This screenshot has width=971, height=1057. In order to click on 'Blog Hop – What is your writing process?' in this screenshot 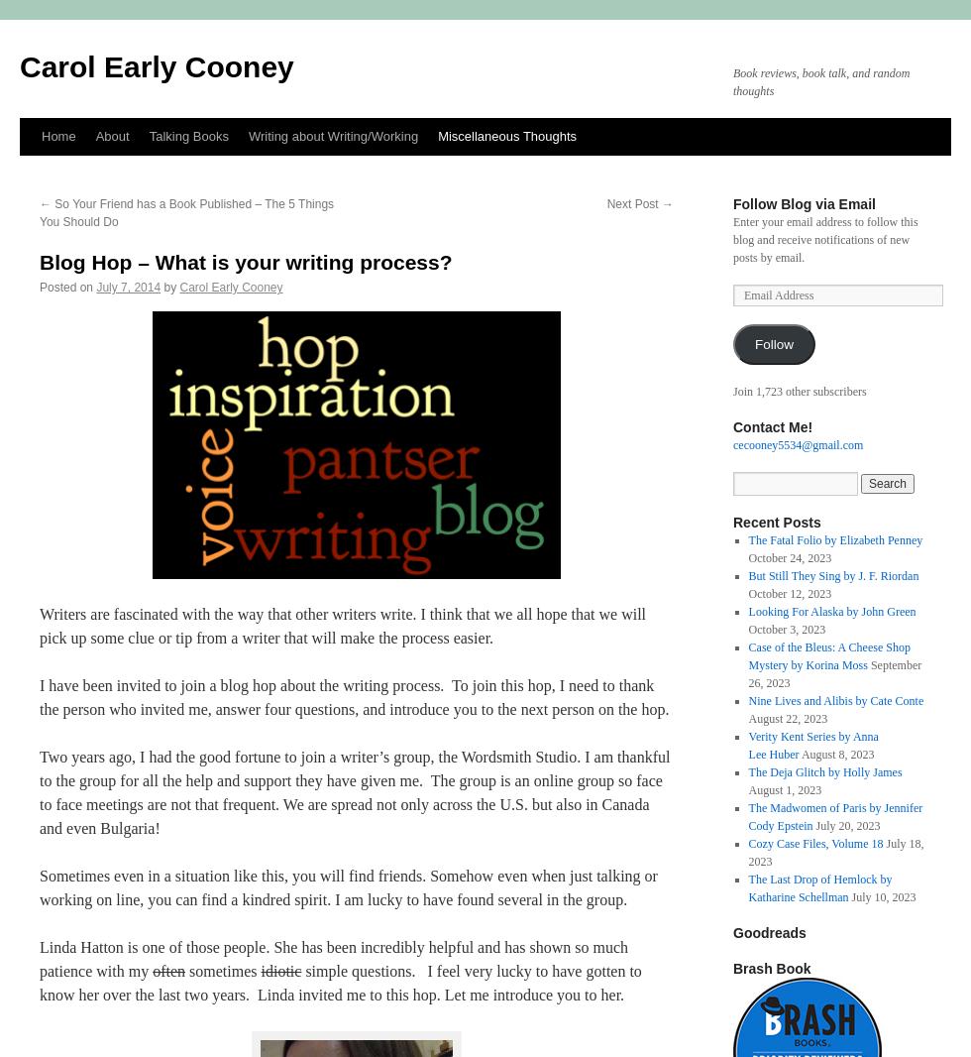, I will do `click(245, 261)`.